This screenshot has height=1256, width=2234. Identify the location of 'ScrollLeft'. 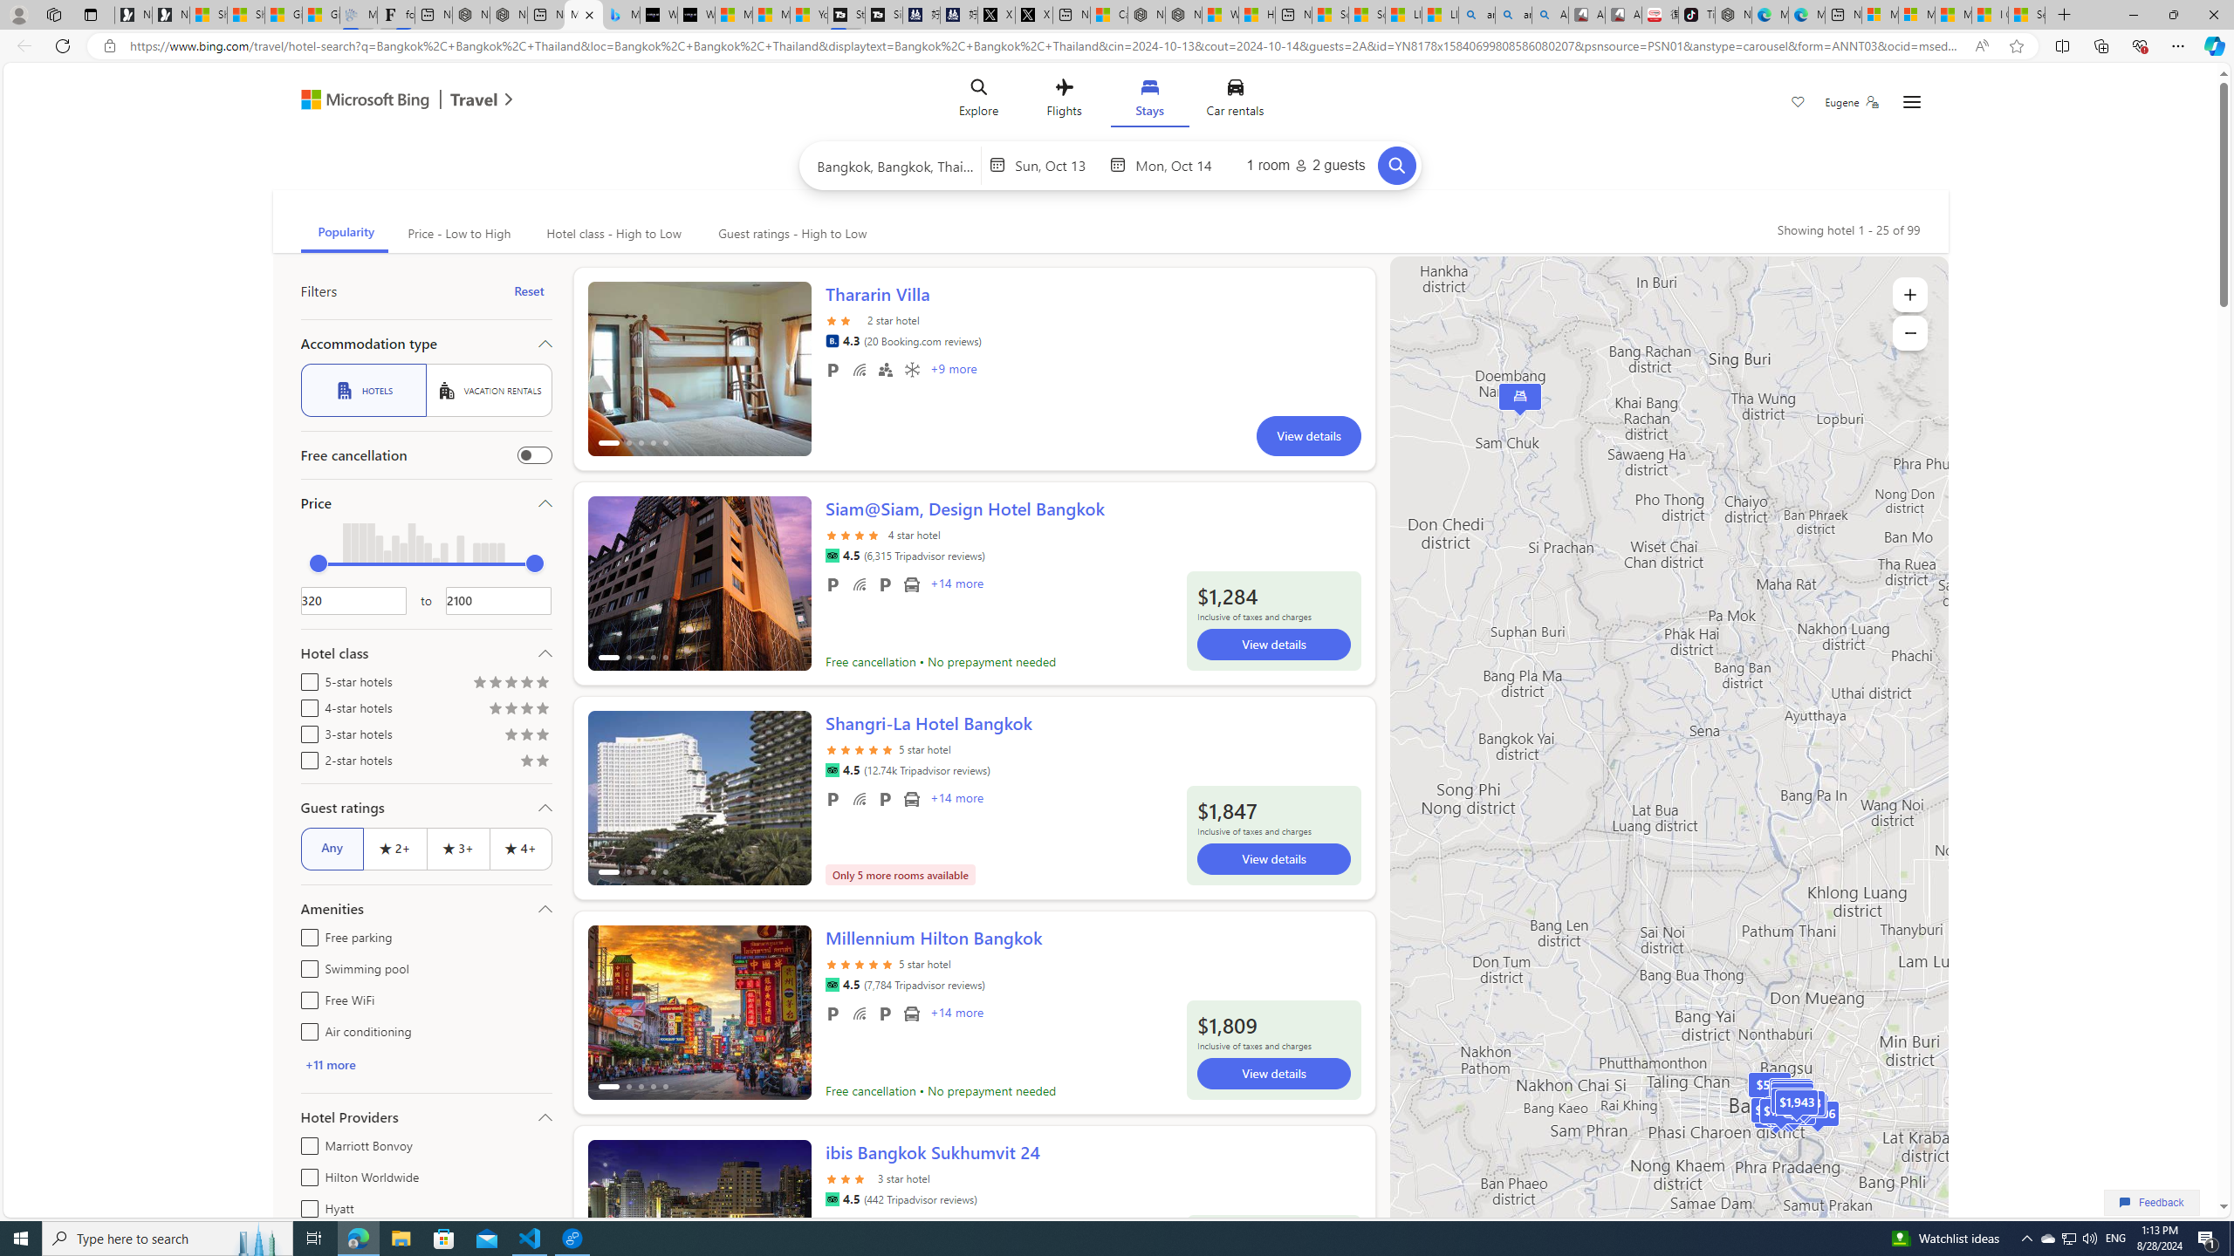
(608, 1218).